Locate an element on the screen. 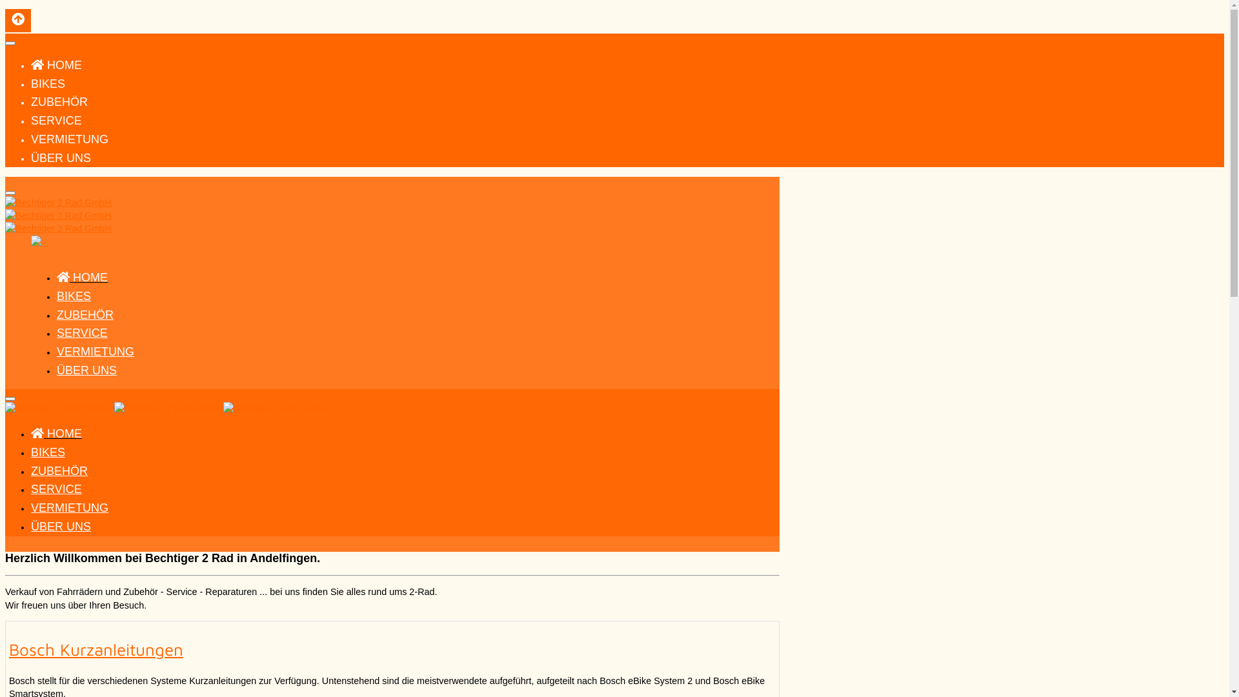  'BIKES' is located at coordinates (73, 296).